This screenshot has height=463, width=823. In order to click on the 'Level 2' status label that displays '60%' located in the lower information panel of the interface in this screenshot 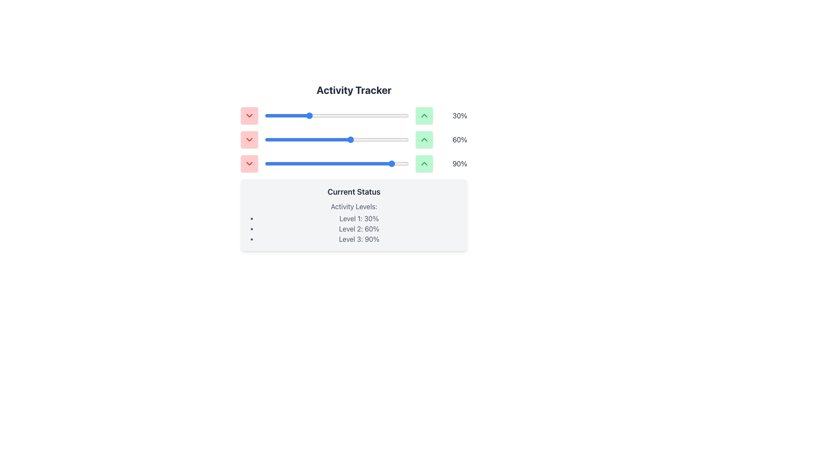, I will do `click(359, 228)`.